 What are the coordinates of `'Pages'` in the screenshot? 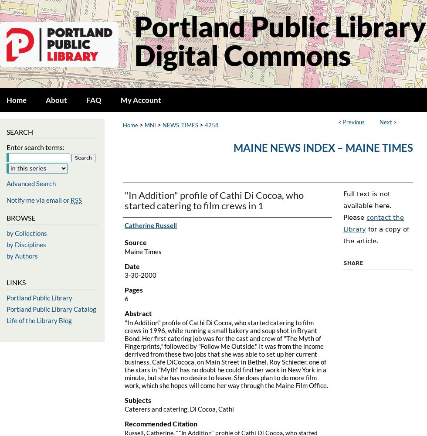 It's located at (134, 290).